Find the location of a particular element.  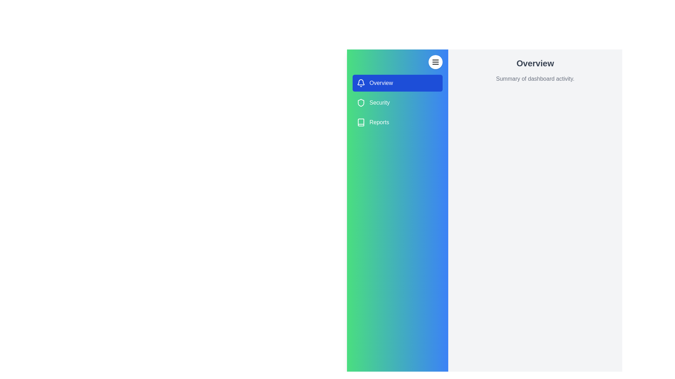

menu button to toggle the navigation drawer is located at coordinates (435, 62).